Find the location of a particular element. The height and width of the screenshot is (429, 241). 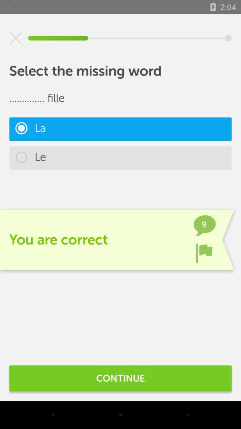

item to the right of you are correct is located at coordinates (204, 253).